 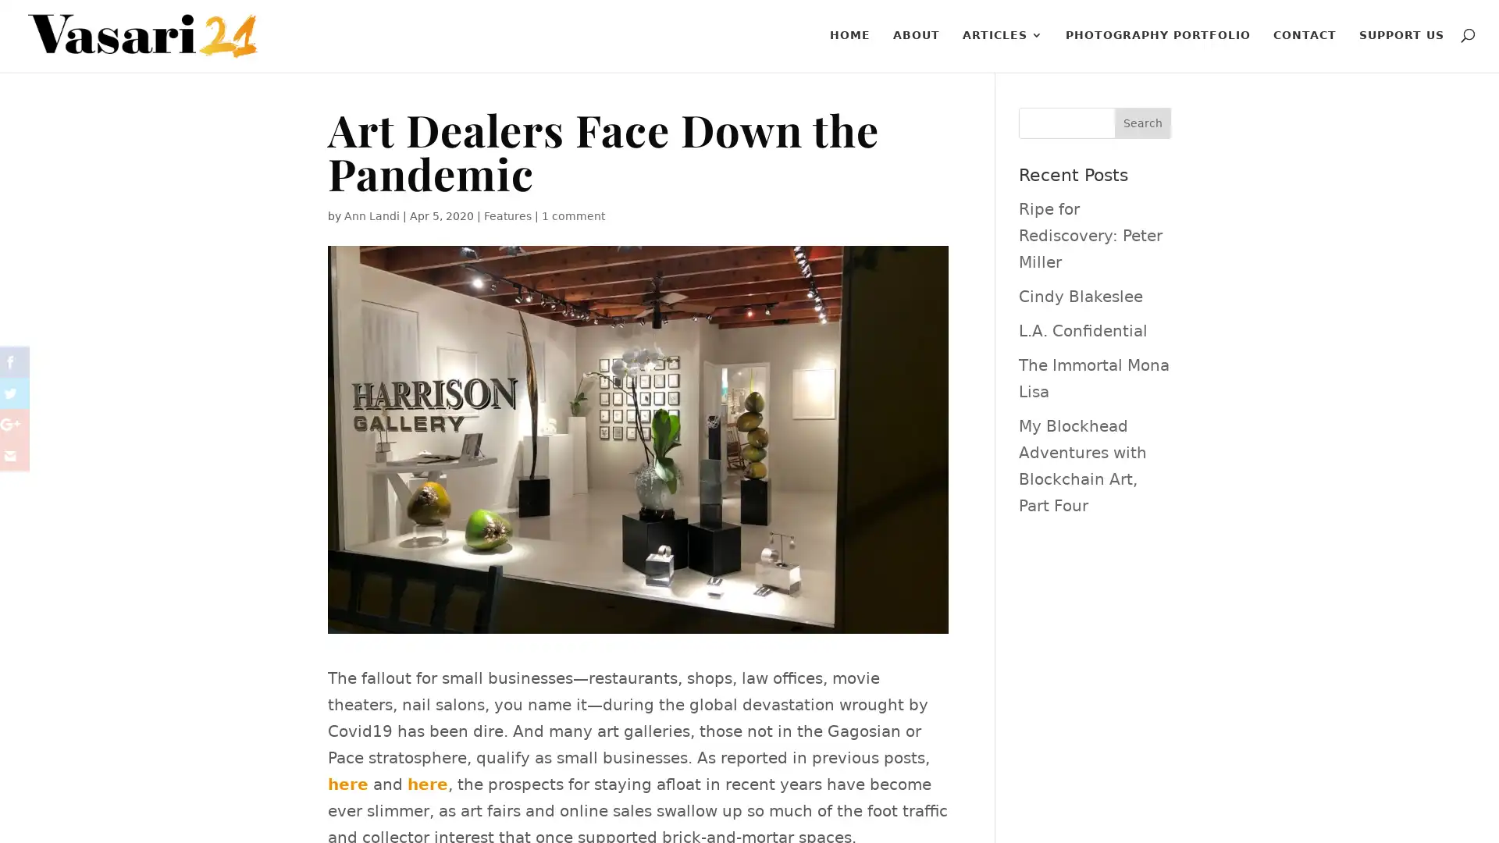 I want to click on Search, so click(x=1142, y=123).